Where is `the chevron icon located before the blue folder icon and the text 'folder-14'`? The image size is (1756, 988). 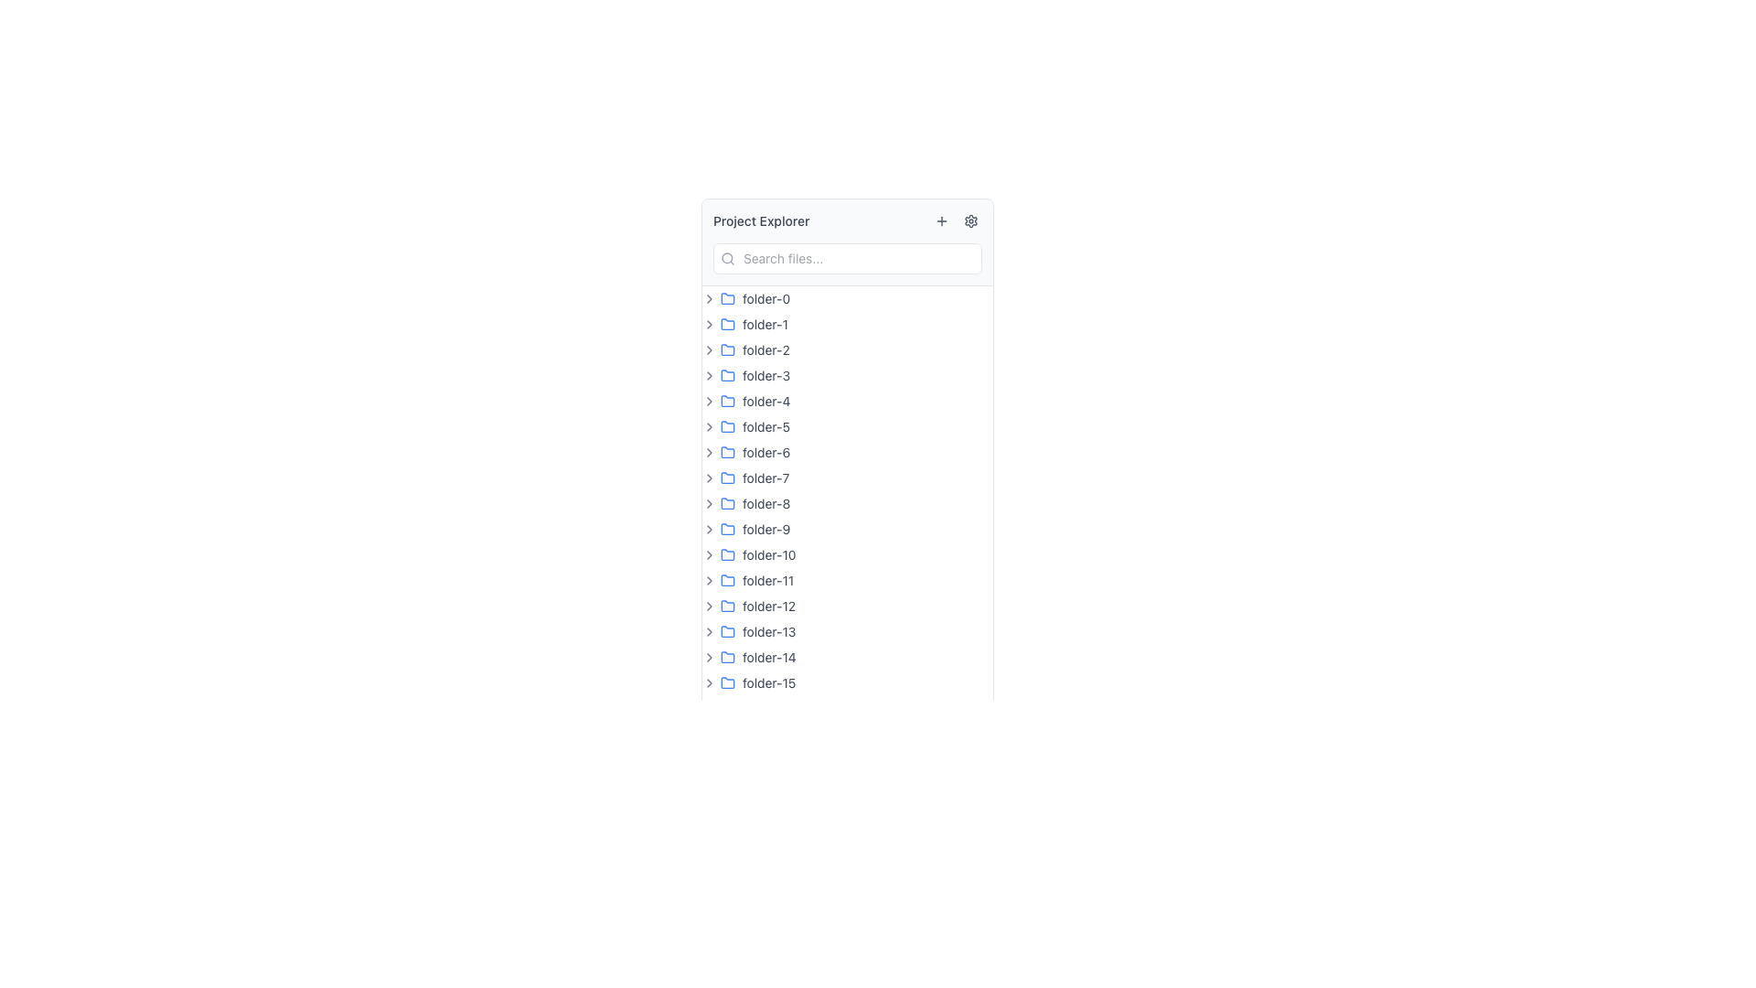 the chevron icon located before the blue folder icon and the text 'folder-14' is located at coordinates (709, 656).